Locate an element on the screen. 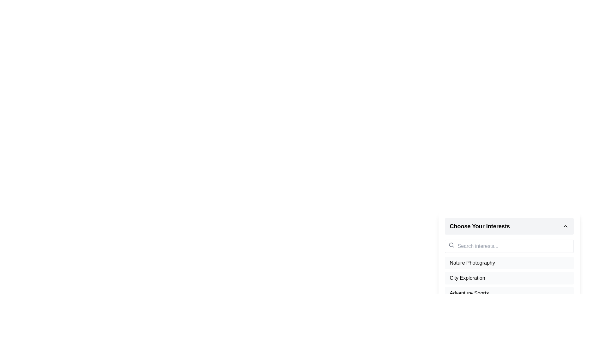  'Adventure Sports' selectable list item, which is the third entry under the 'Choose Your Interests' heading, using development tools is located at coordinates (509, 293).